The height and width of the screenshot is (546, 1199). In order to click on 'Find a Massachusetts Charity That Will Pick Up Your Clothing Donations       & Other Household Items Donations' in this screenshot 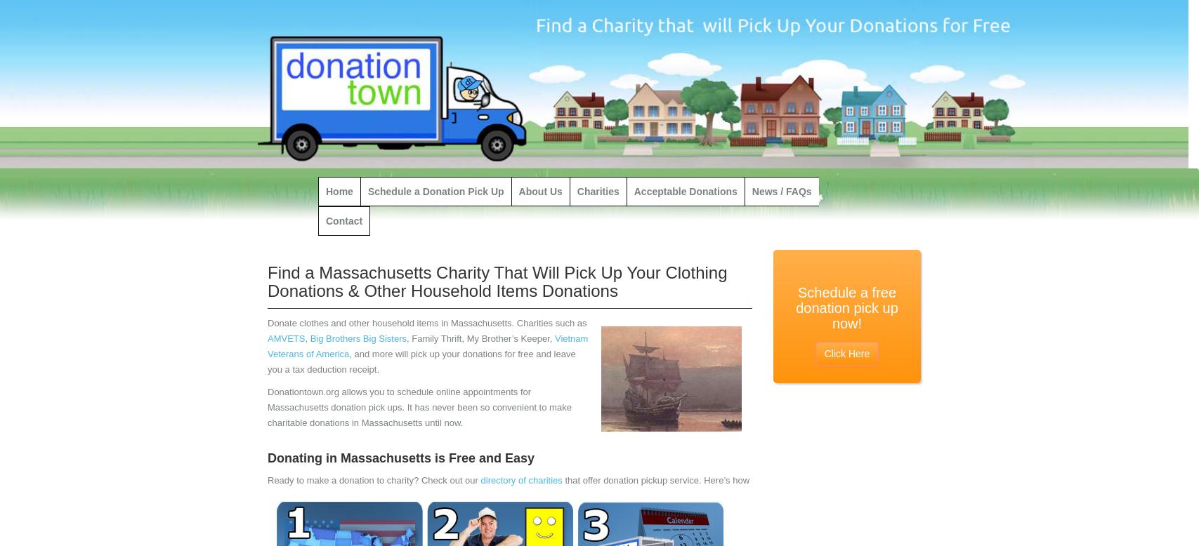, I will do `click(497, 281)`.